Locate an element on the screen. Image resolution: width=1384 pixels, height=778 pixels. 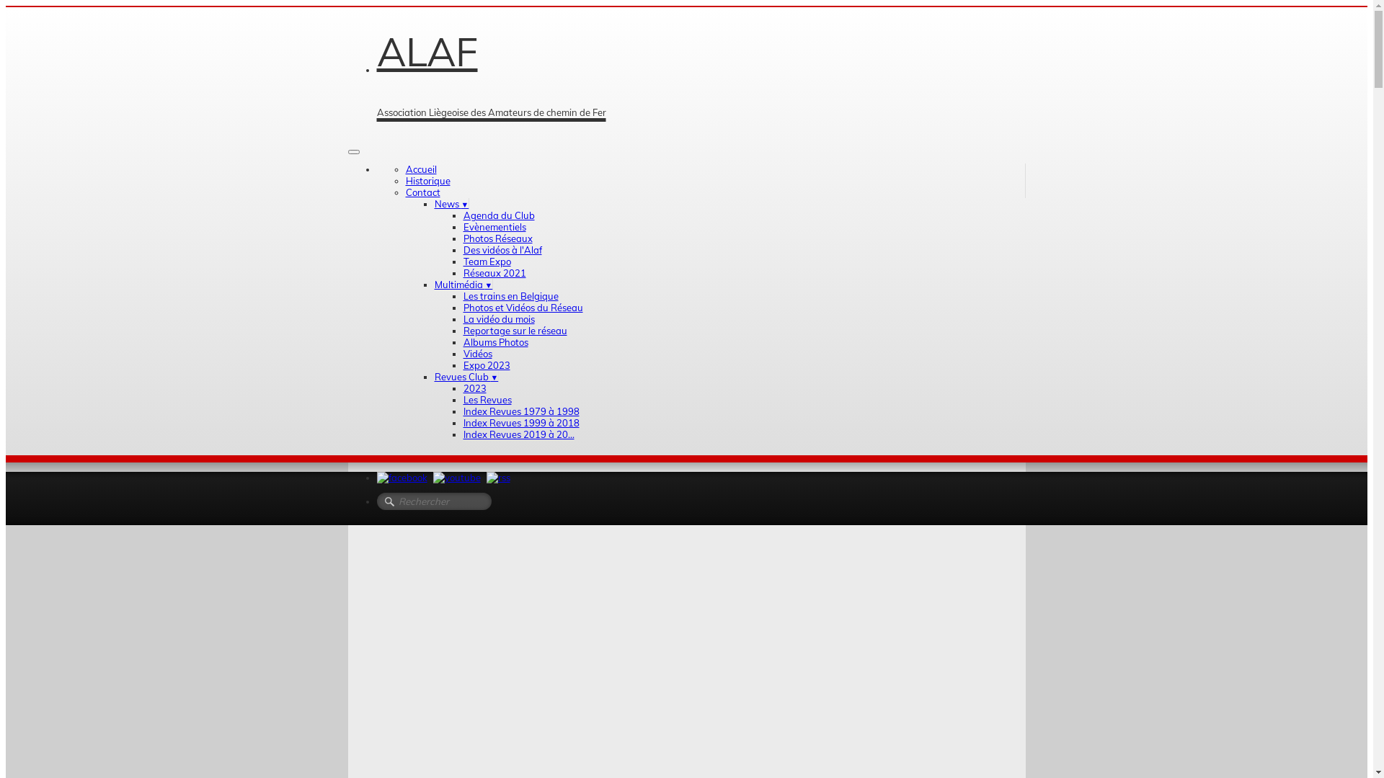
'Contact' is located at coordinates (404, 191).